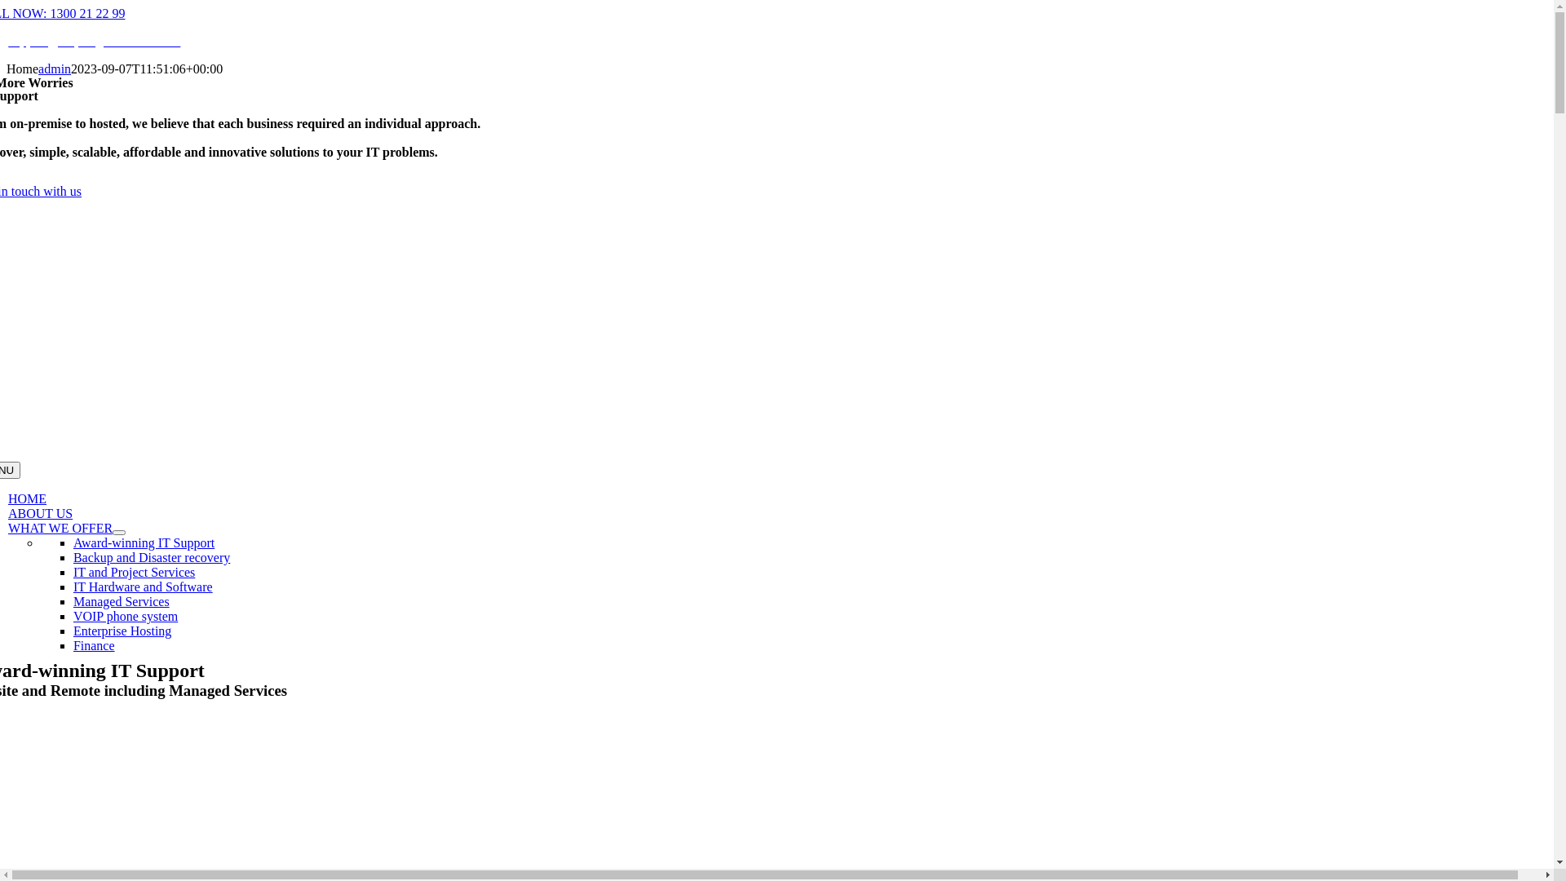  Describe the element at coordinates (93, 644) in the screenshot. I see `'Finance'` at that location.